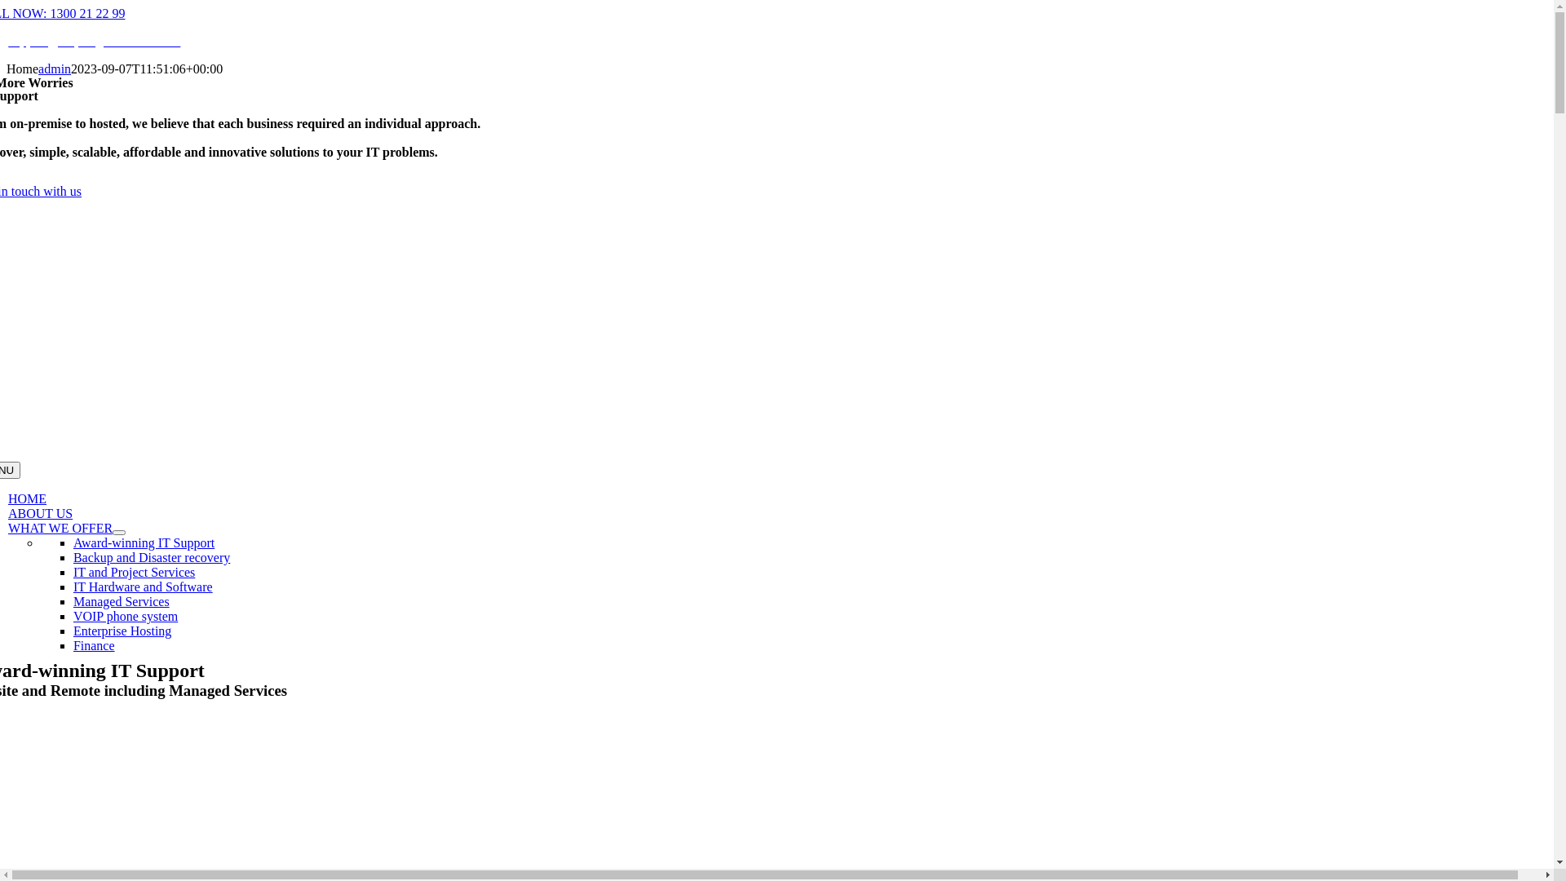  Describe the element at coordinates (93, 644) in the screenshot. I see `'Finance'` at that location.